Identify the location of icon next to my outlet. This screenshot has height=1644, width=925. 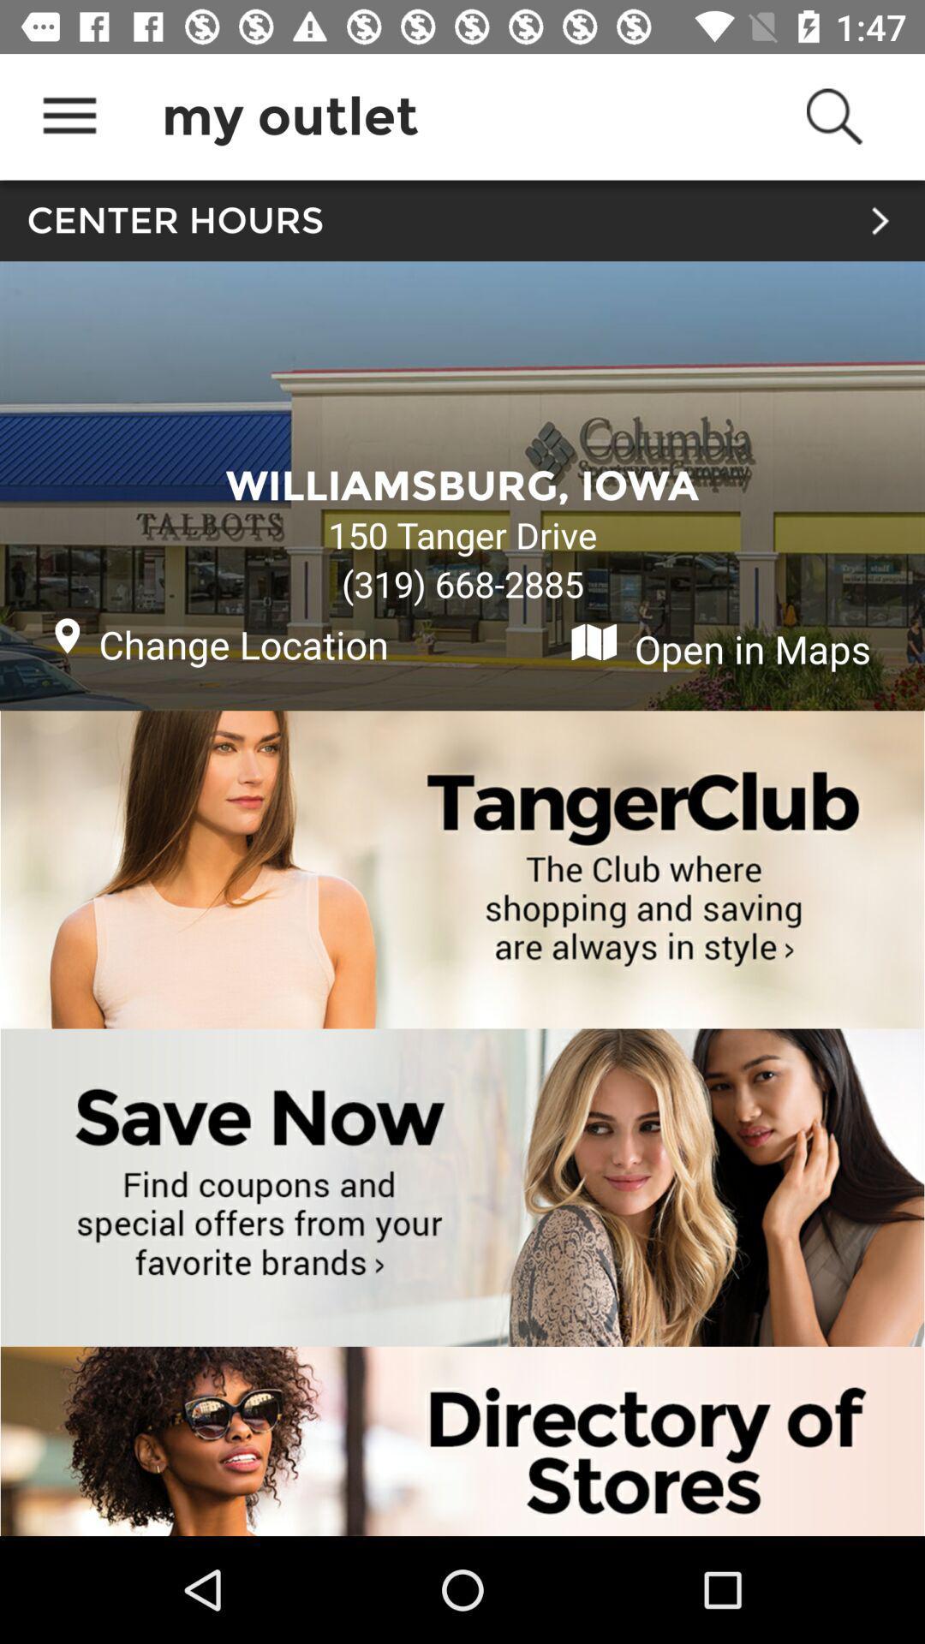
(69, 116).